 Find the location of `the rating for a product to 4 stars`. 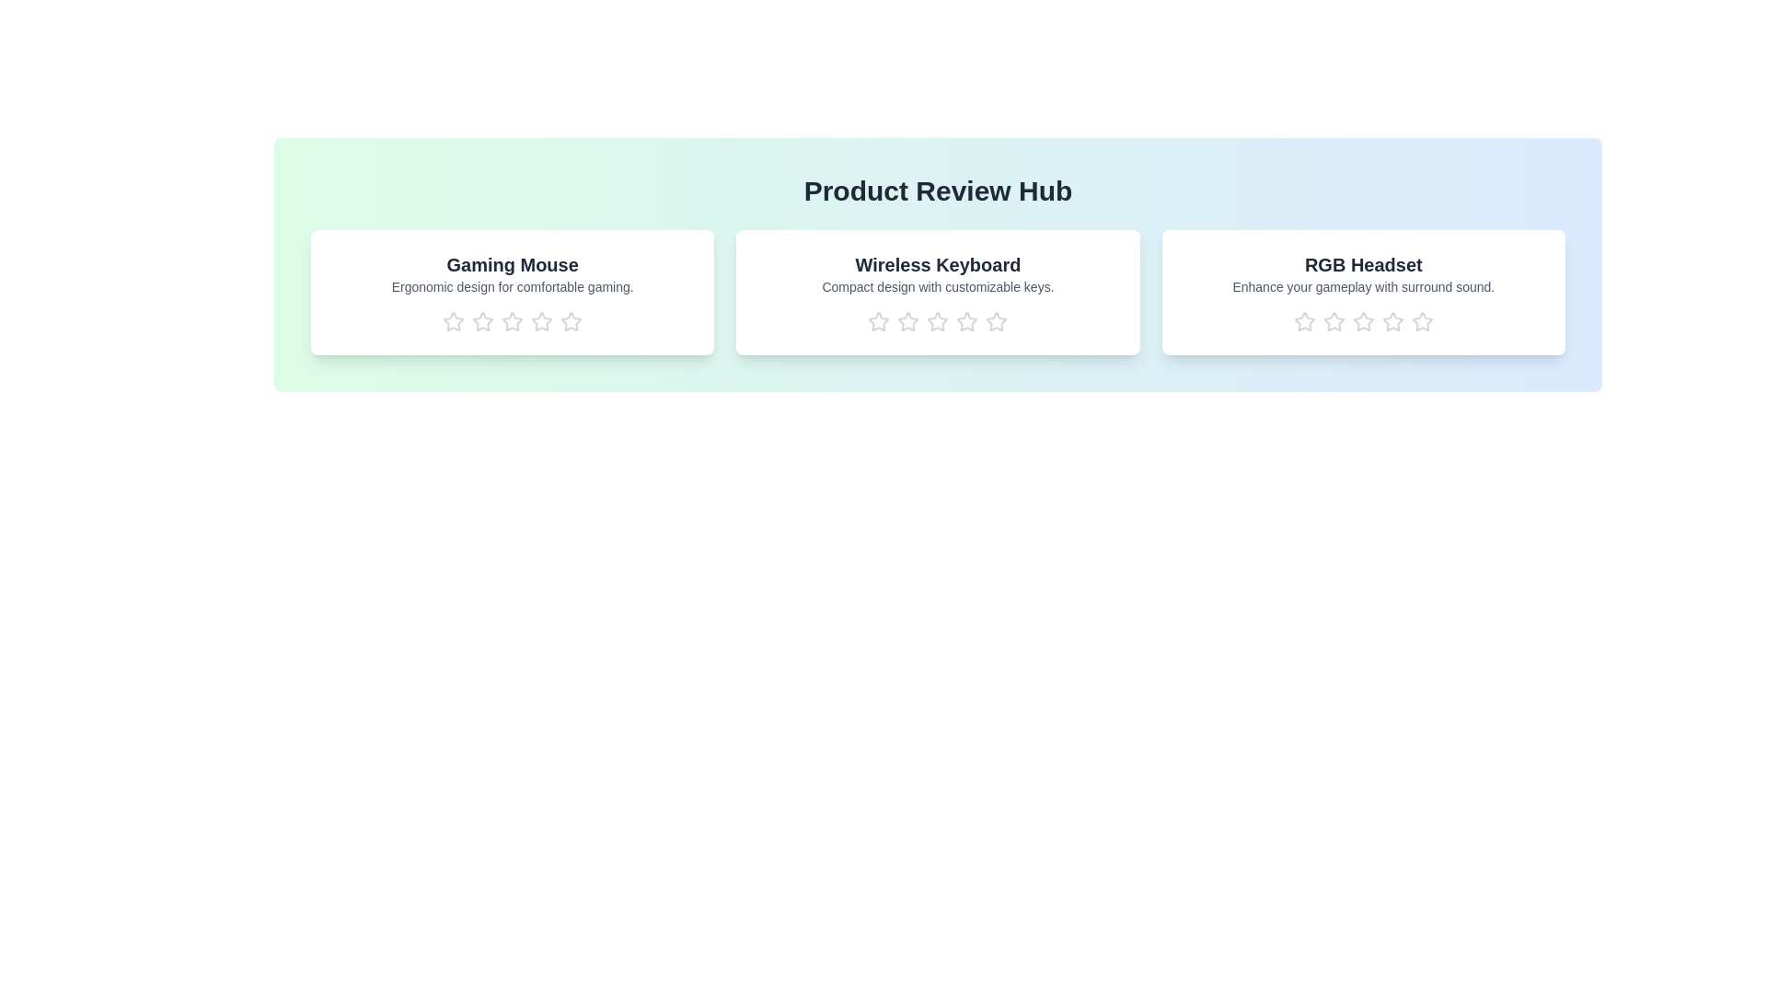

the rating for a product to 4 stars is located at coordinates (541, 321).